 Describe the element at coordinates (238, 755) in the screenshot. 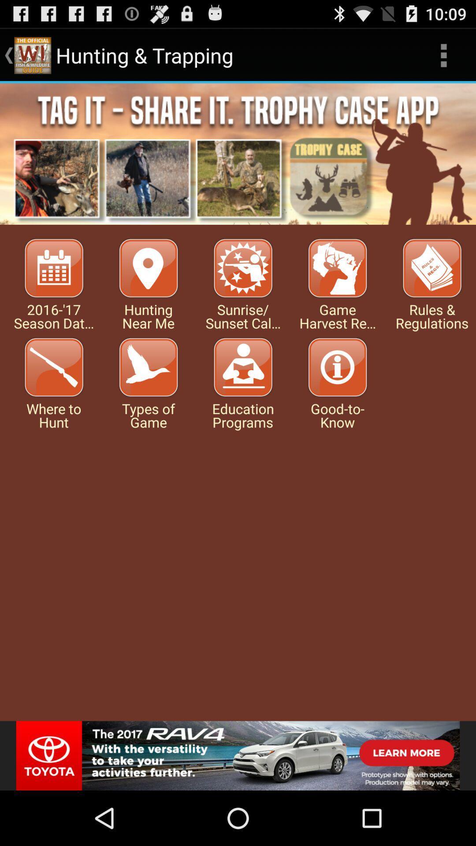

I see `advertisement page` at that location.